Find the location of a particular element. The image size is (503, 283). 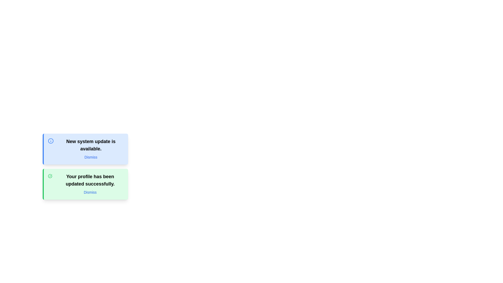

the text block displaying 'New system update is available.' which is styled in bold and is located within a light blue background is located at coordinates (91, 145).